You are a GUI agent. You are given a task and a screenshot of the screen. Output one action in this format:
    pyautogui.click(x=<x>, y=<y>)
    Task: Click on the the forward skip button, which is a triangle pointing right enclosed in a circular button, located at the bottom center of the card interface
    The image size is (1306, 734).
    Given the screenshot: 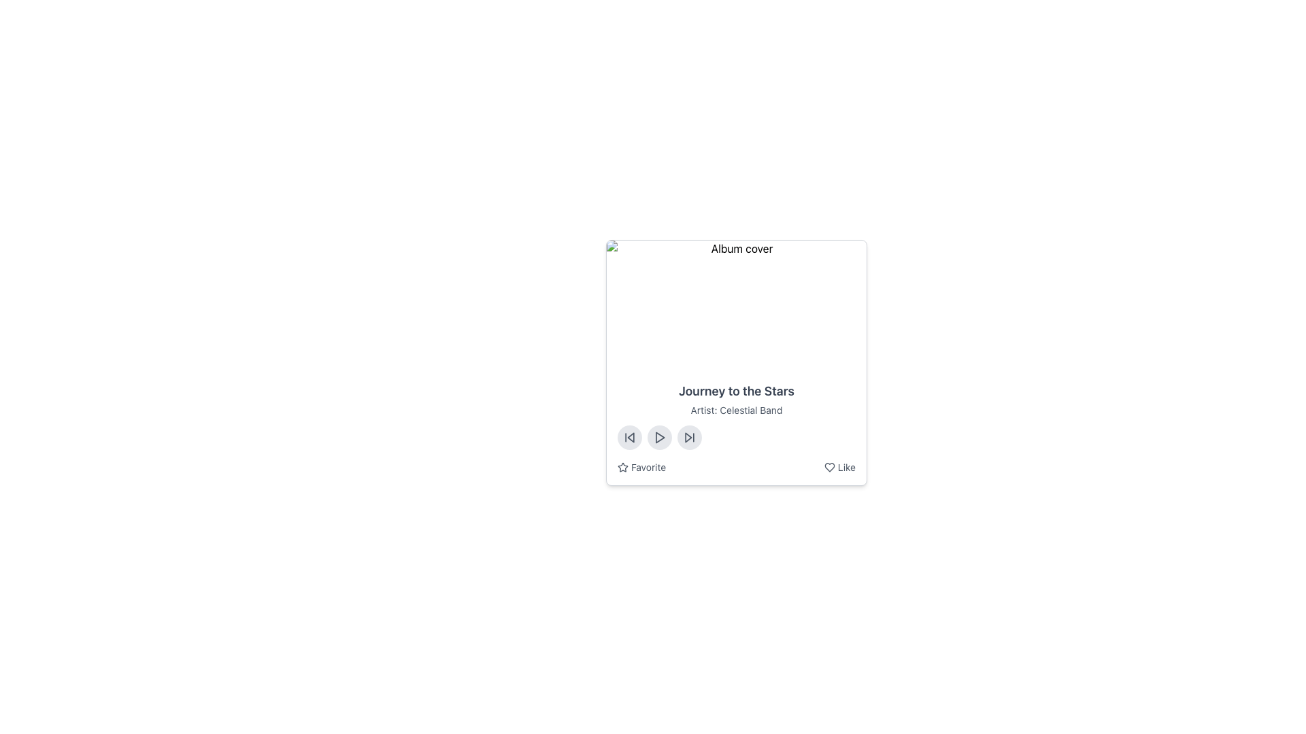 What is the action you would take?
    pyautogui.click(x=689, y=438)
    